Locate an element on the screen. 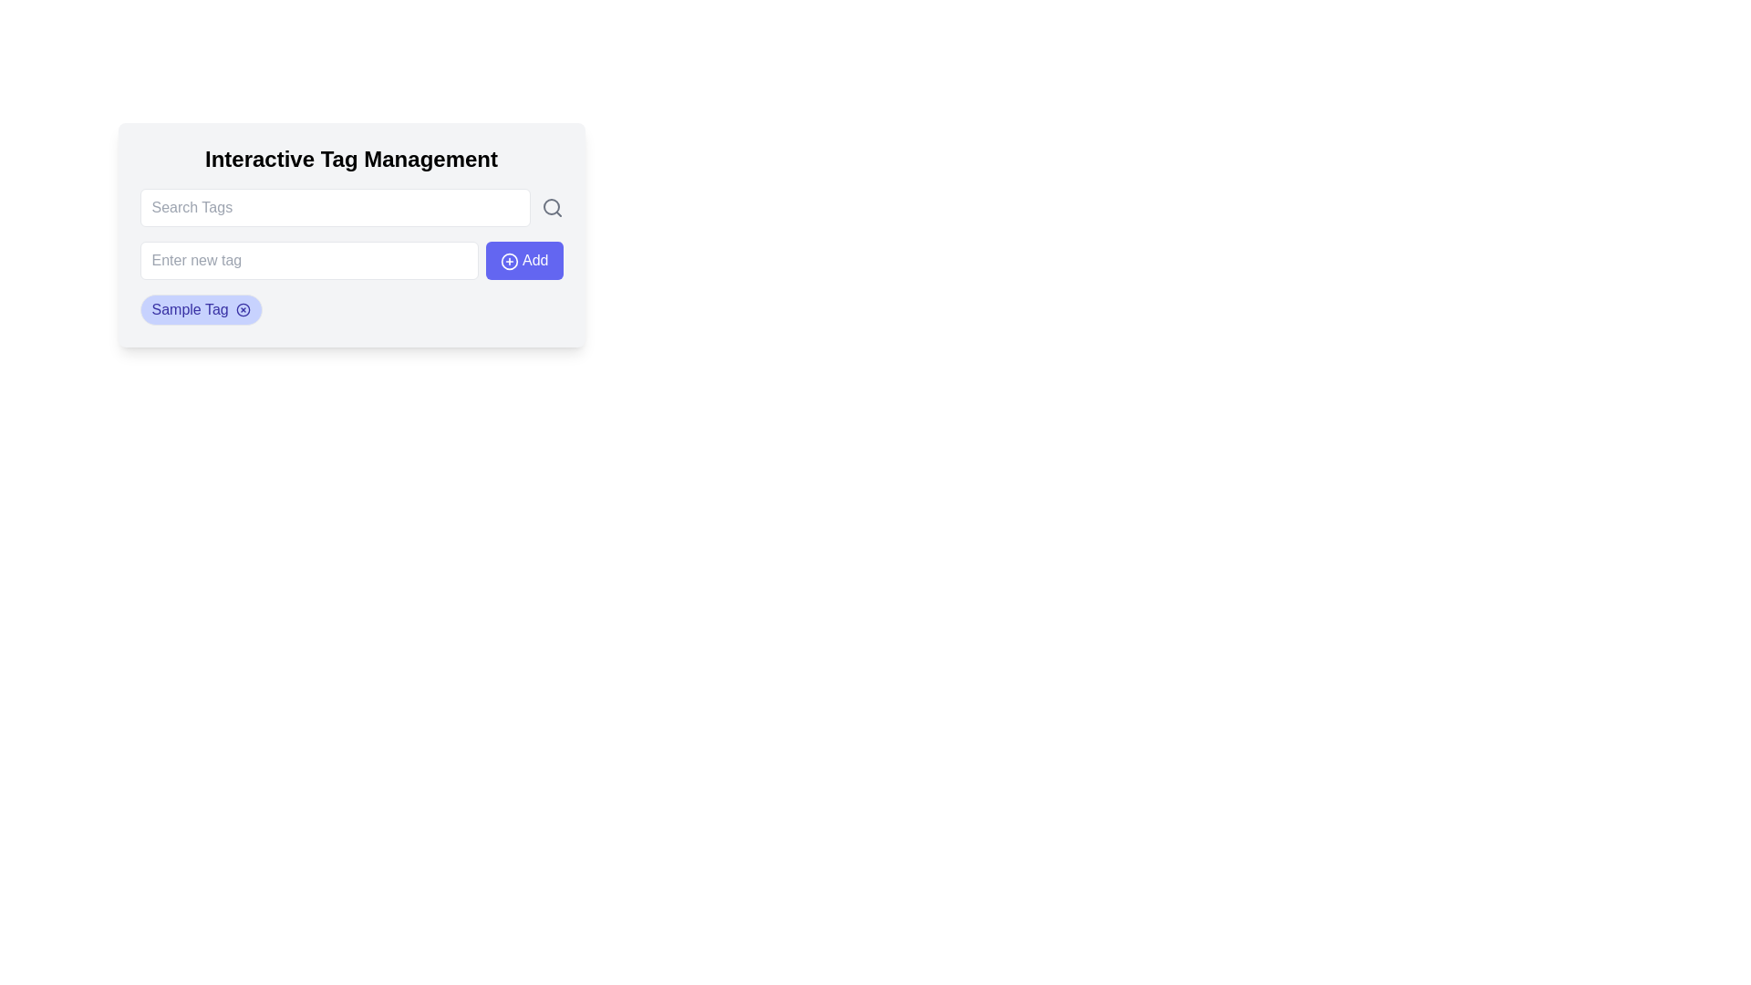  the 'Add' button represented by a plus icon in the SVG component located to the right of the 'Enter new tag' input field is located at coordinates (510, 261).